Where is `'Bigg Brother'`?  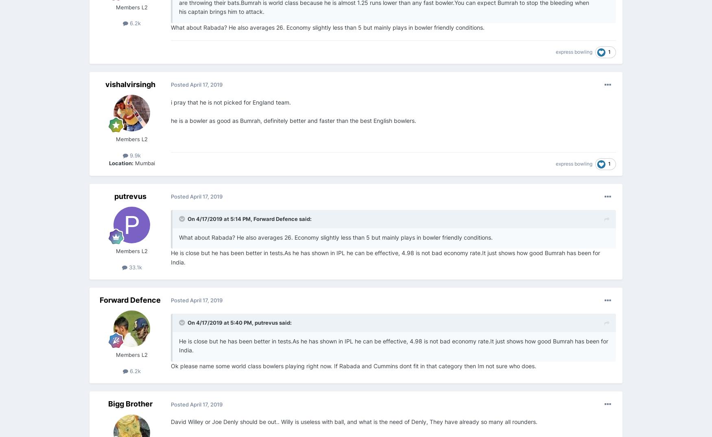 'Bigg Brother' is located at coordinates (130, 403).